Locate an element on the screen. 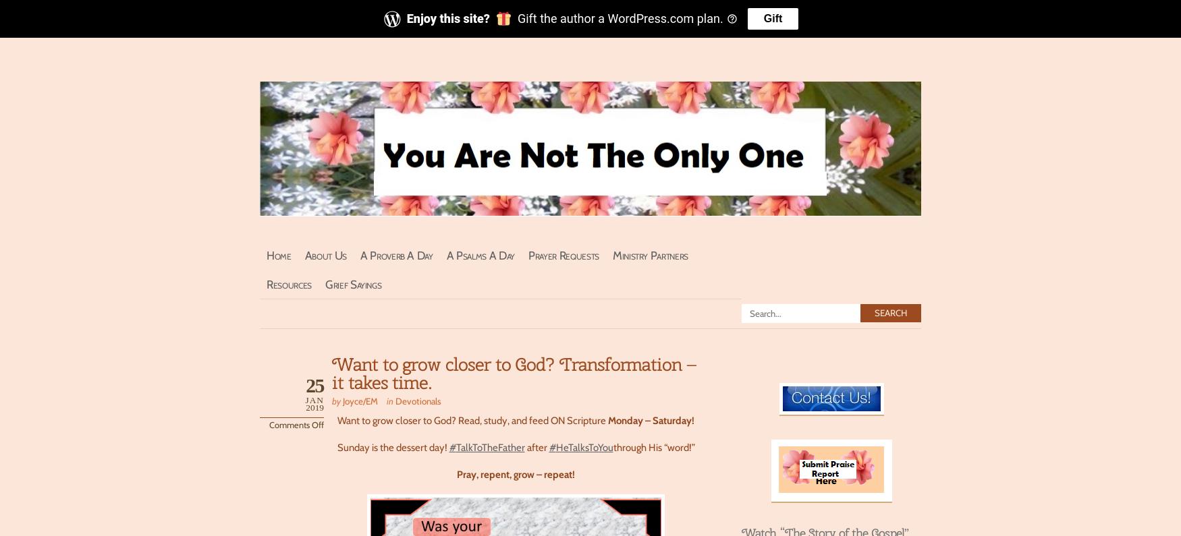 This screenshot has width=1181, height=536. 'Ministry Partners' is located at coordinates (650, 254).